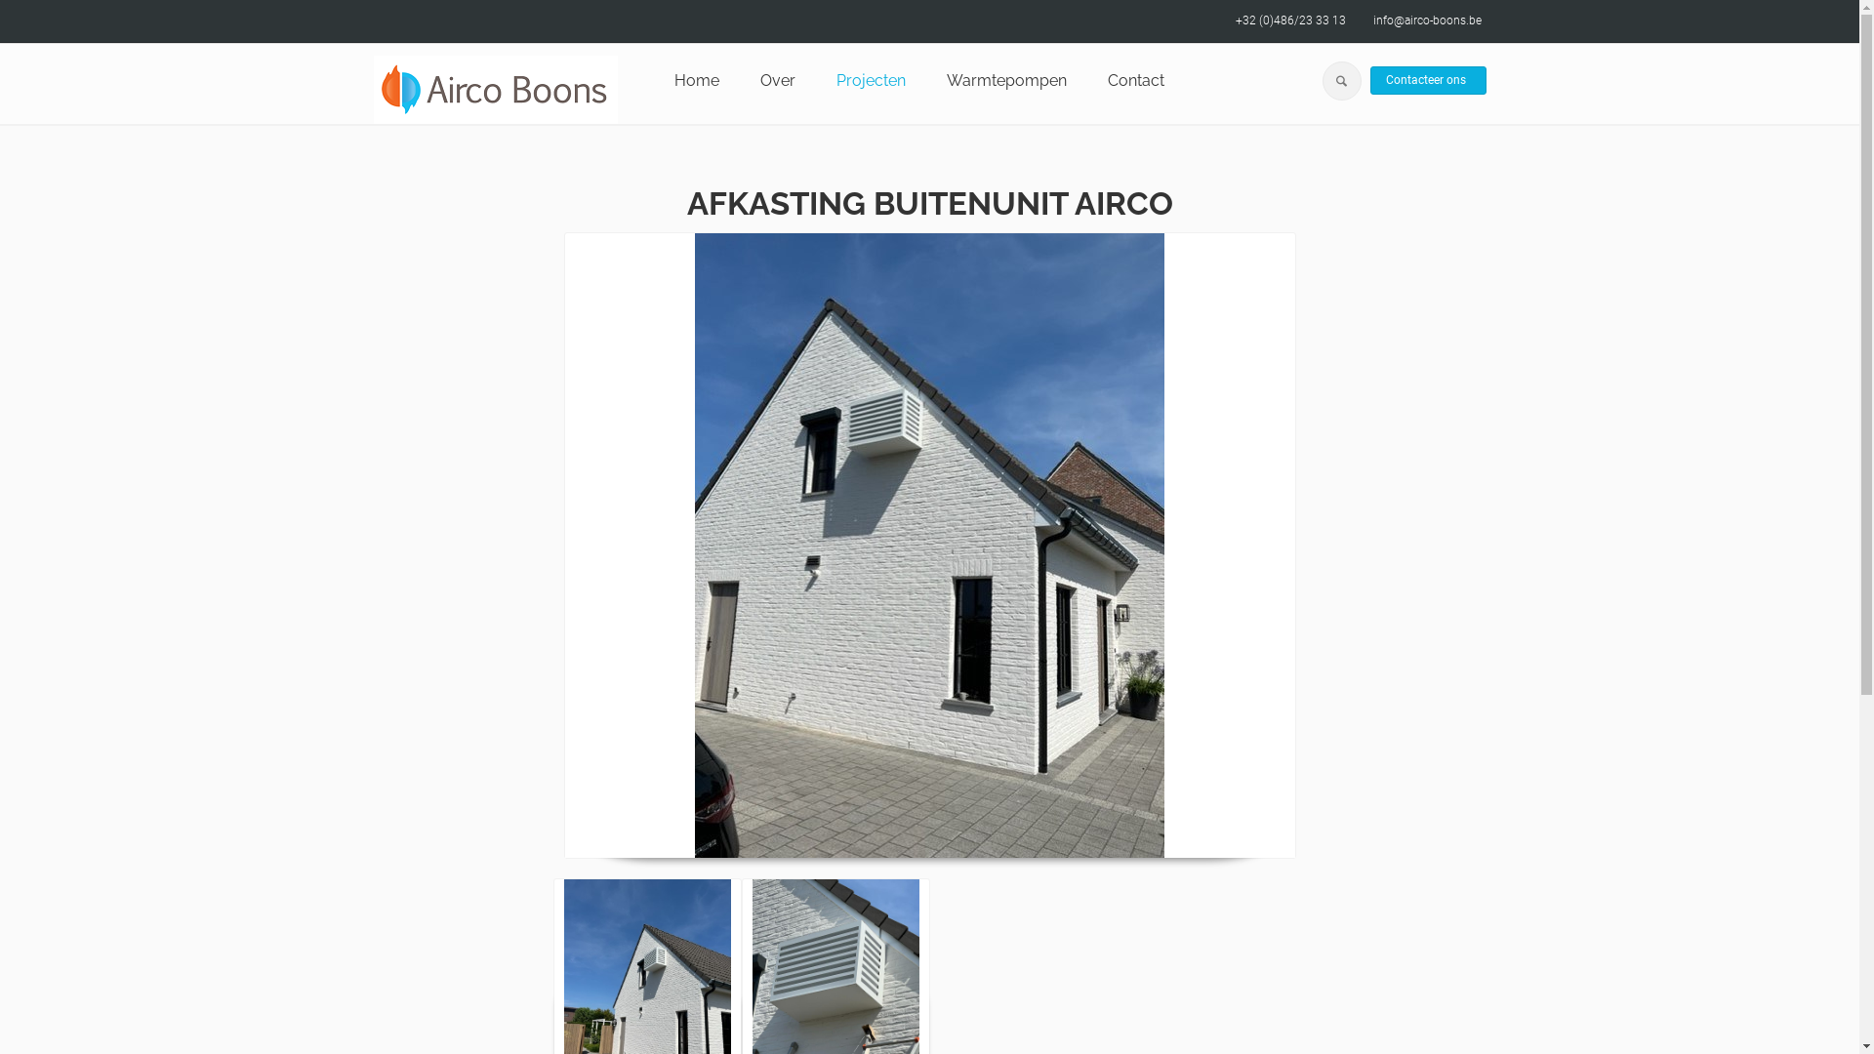 The height and width of the screenshot is (1054, 1874). Describe the element at coordinates (1428, 80) in the screenshot. I see `'Contacteer ons'` at that location.